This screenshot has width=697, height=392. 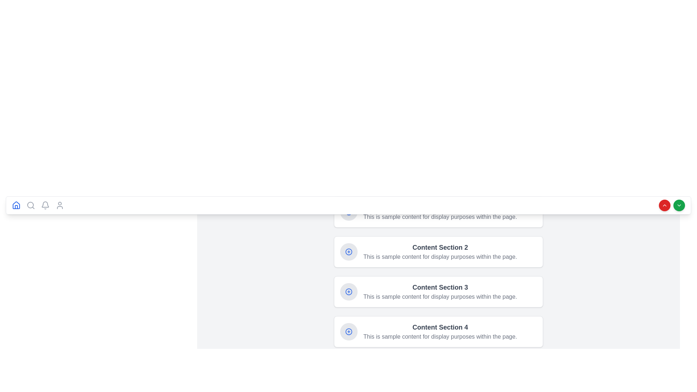 I want to click on descriptive text content located directly below the title 'Content Section 1' in the uppermost section of the vertically-stacked list, so click(x=440, y=212).